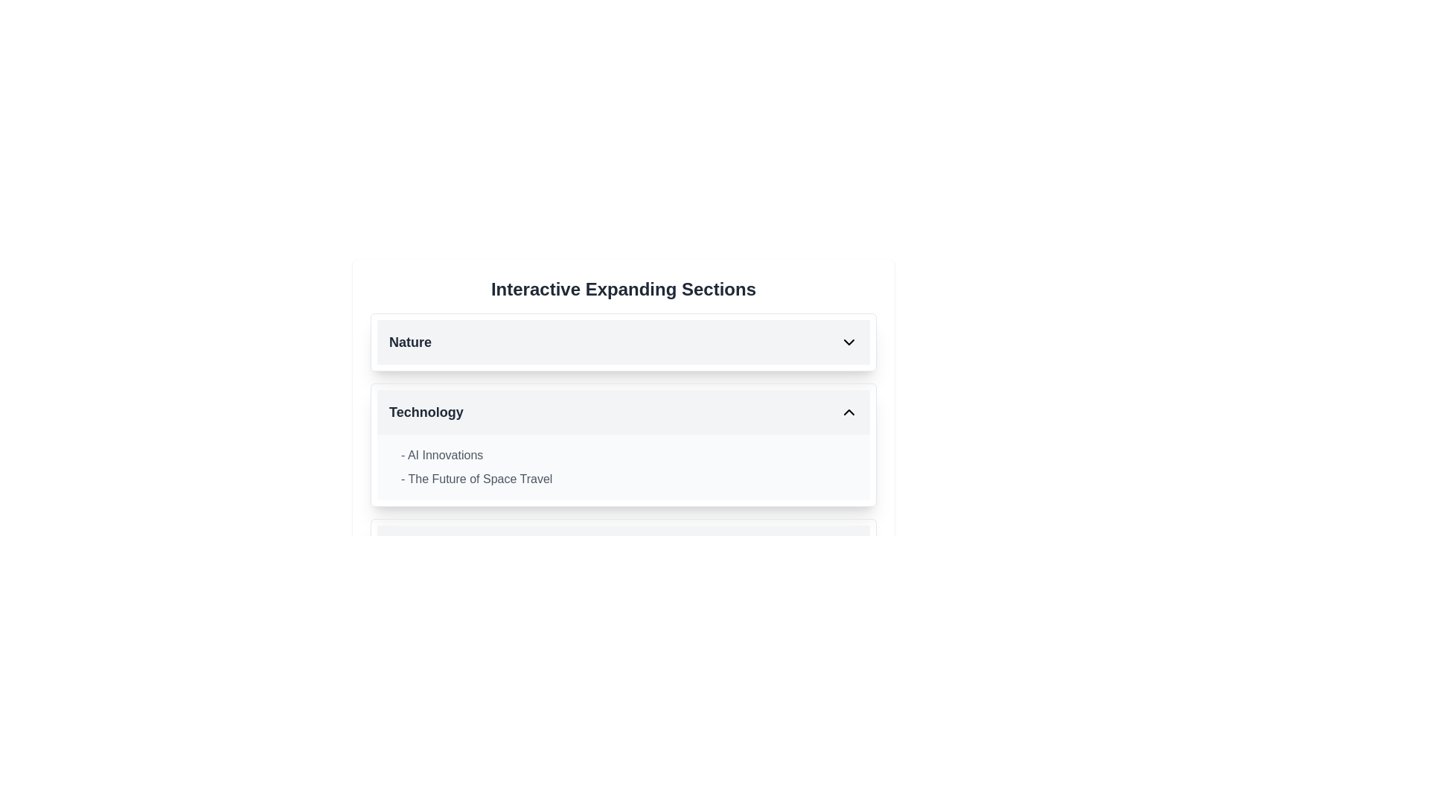 This screenshot has height=804, width=1429. What do you see at coordinates (849, 412) in the screenshot?
I see `the chevron icon toggle button located on the far right of the 'Technology' section` at bounding box center [849, 412].